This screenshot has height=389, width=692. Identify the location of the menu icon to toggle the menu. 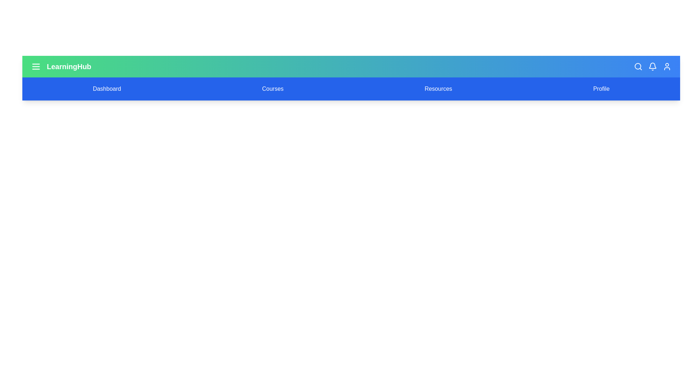
(36, 67).